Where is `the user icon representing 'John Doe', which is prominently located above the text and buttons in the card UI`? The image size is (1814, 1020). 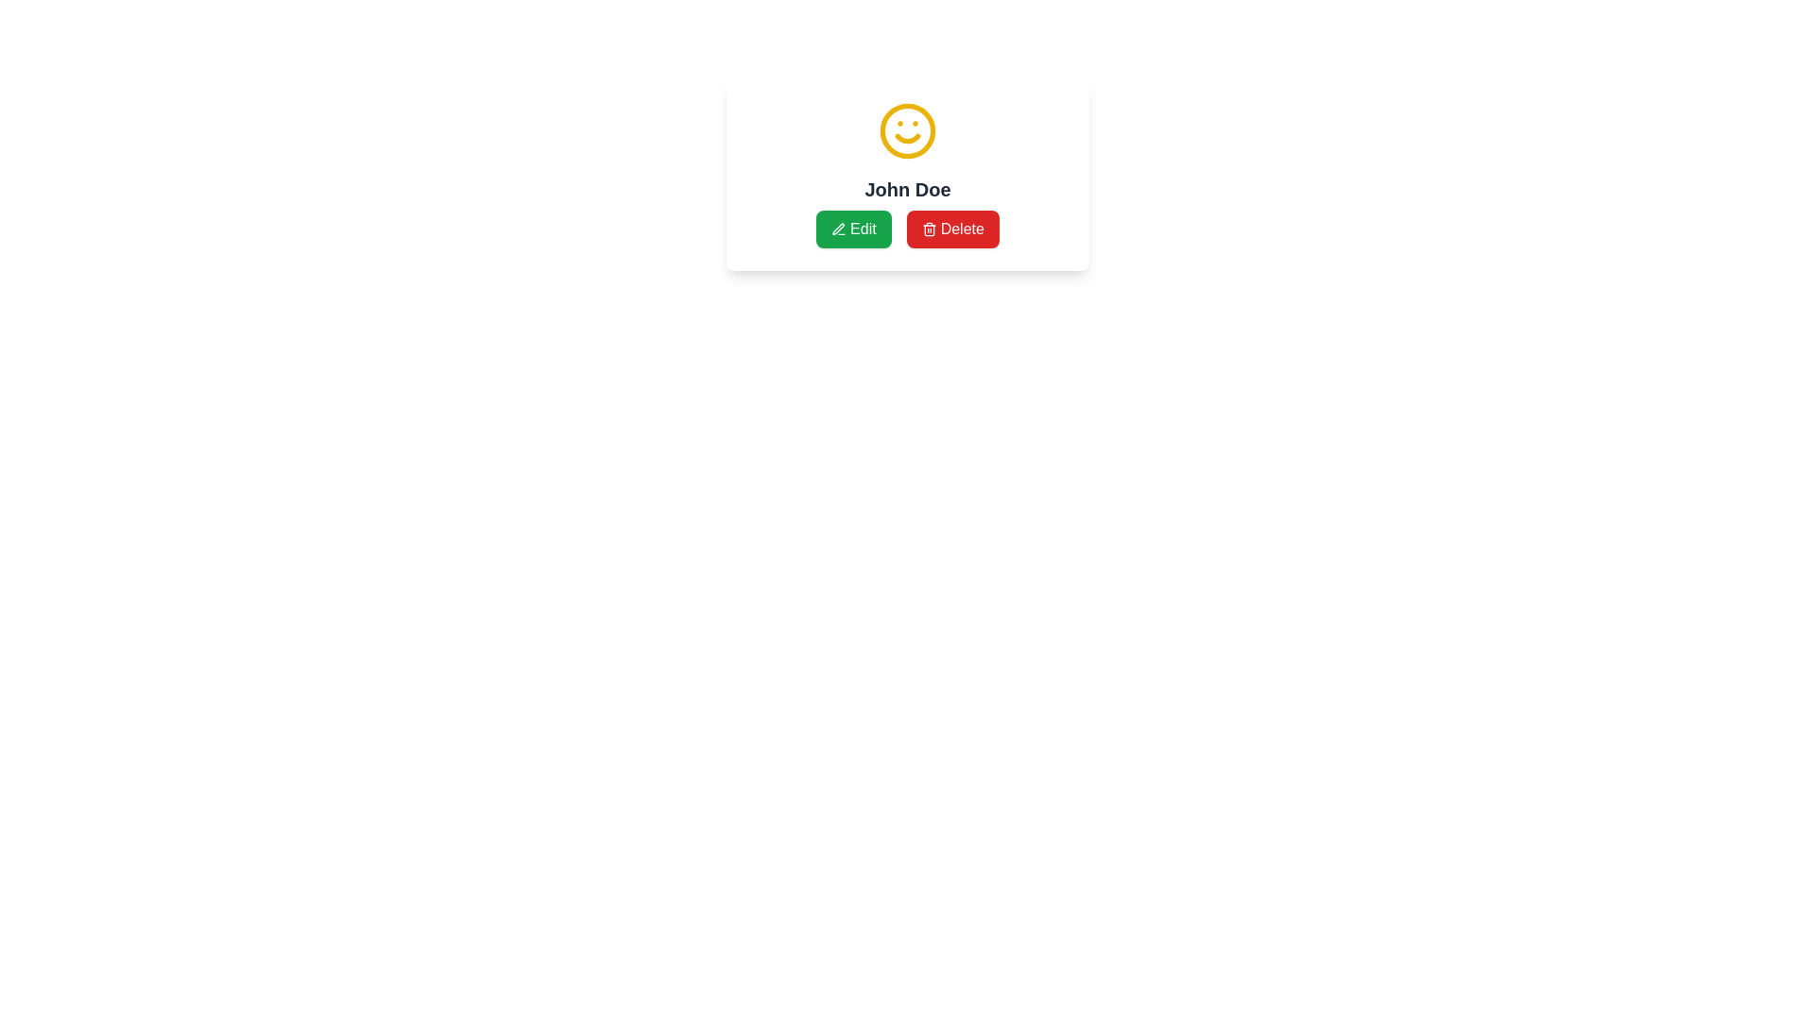
the user icon representing 'John Doe', which is prominently located above the text and buttons in the card UI is located at coordinates (907, 129).